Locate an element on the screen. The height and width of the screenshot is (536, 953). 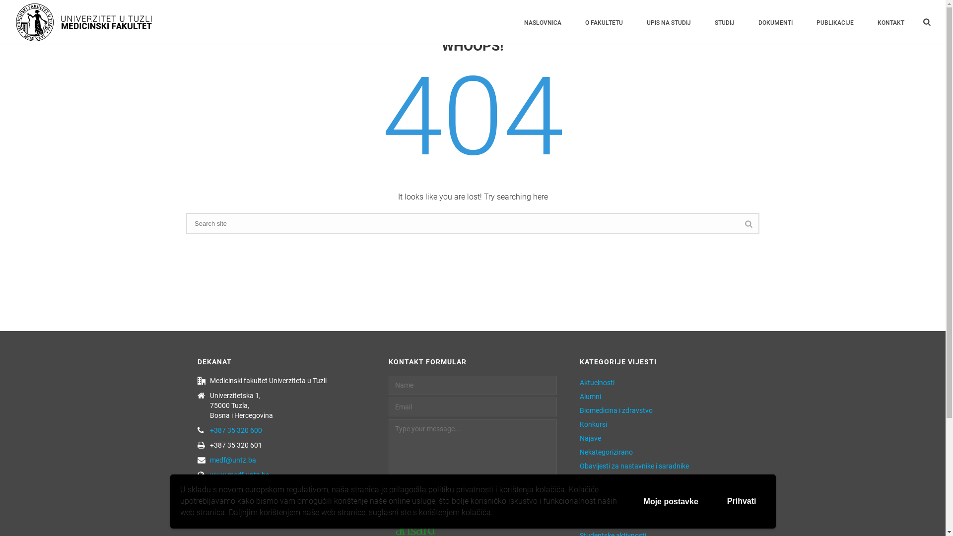
'Aktuelnosti' is located at coordinates (597, 382).